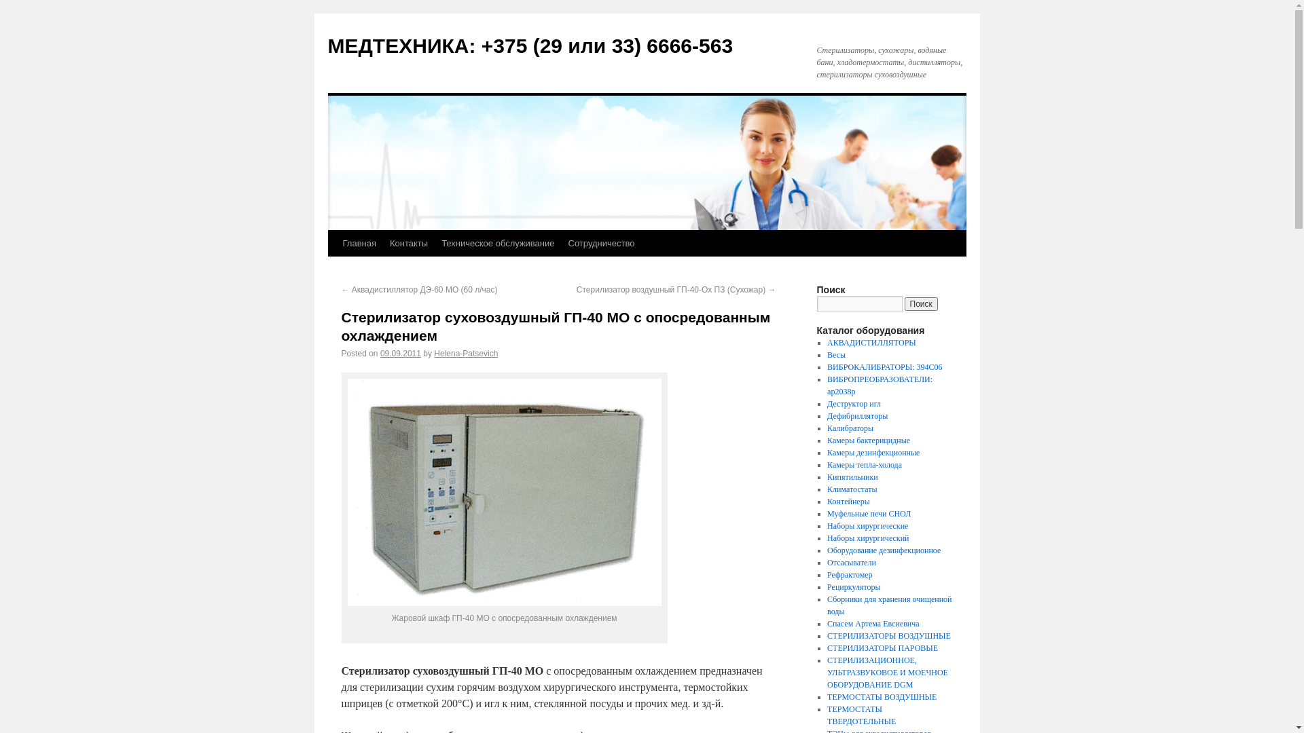 Image resolution: width=1304 pixels, height=733 pixels. What do you see at coordinates (380, 352) in the screenshot?
I see `'09.09.2011'` at bounding box center [380, 352].